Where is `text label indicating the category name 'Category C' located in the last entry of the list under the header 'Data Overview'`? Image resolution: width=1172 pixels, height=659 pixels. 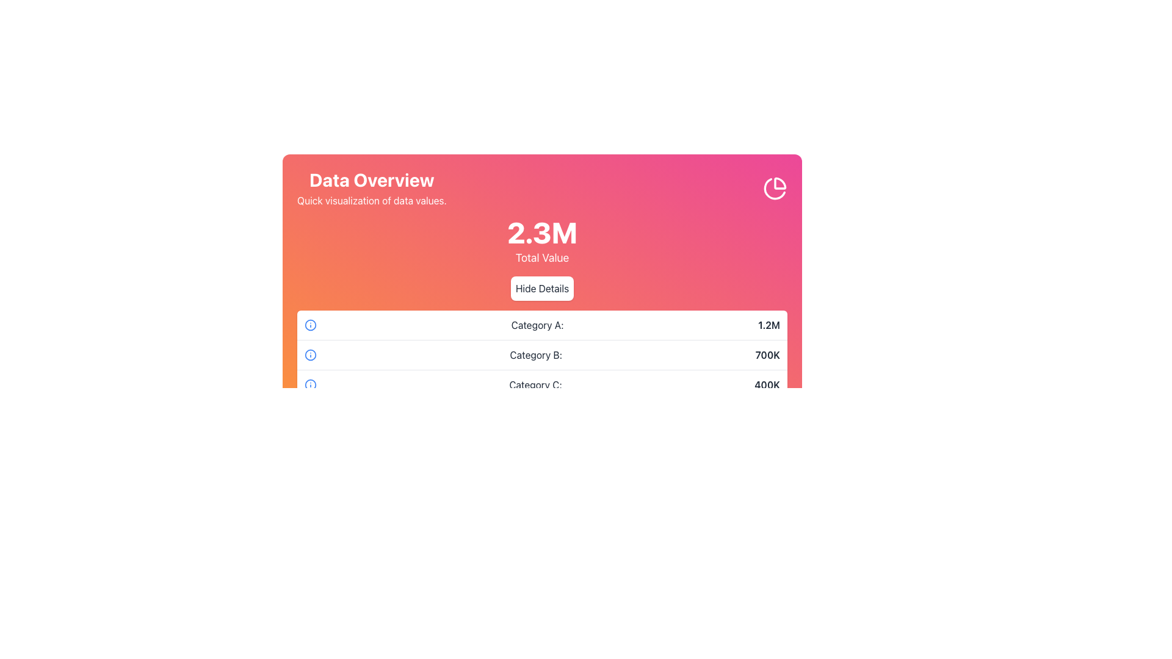 text label indicating the category name 'Category C' located in the last entry of the list under the header 'Data Overview' is located at coordinates (535, 385).